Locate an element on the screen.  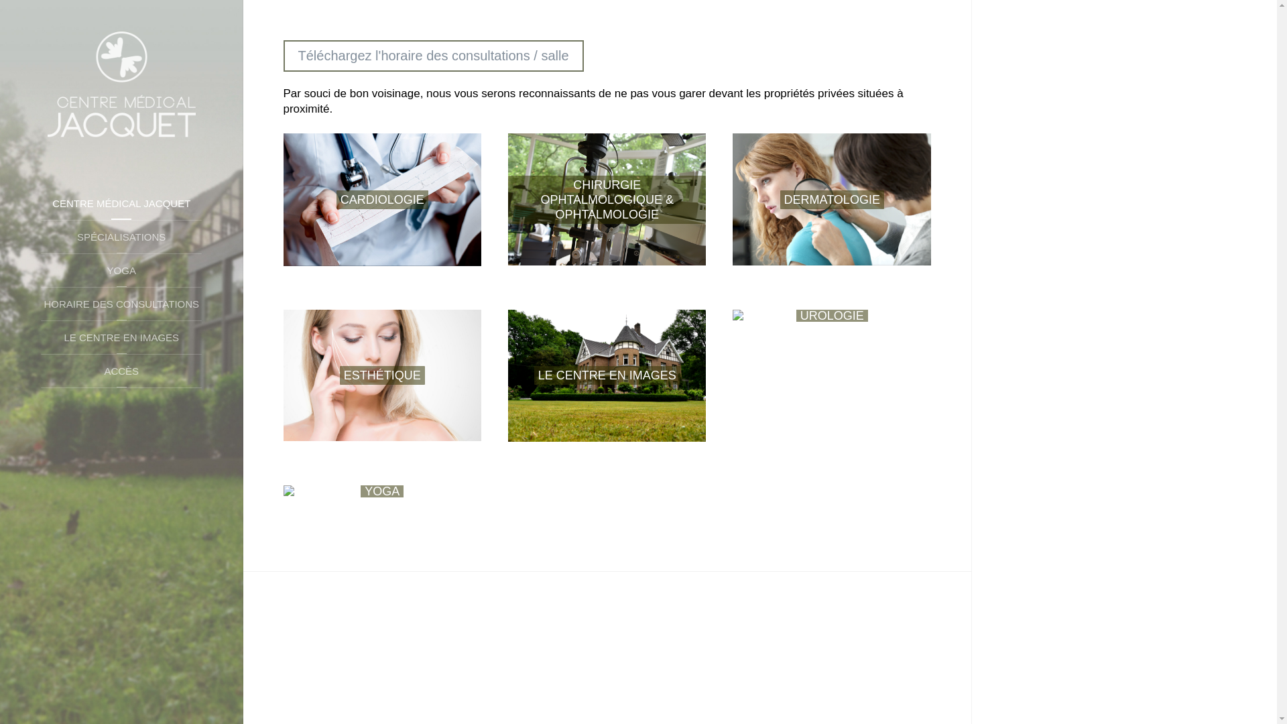
'DERMATOLOGIE' is located at coordinates (831, 199).